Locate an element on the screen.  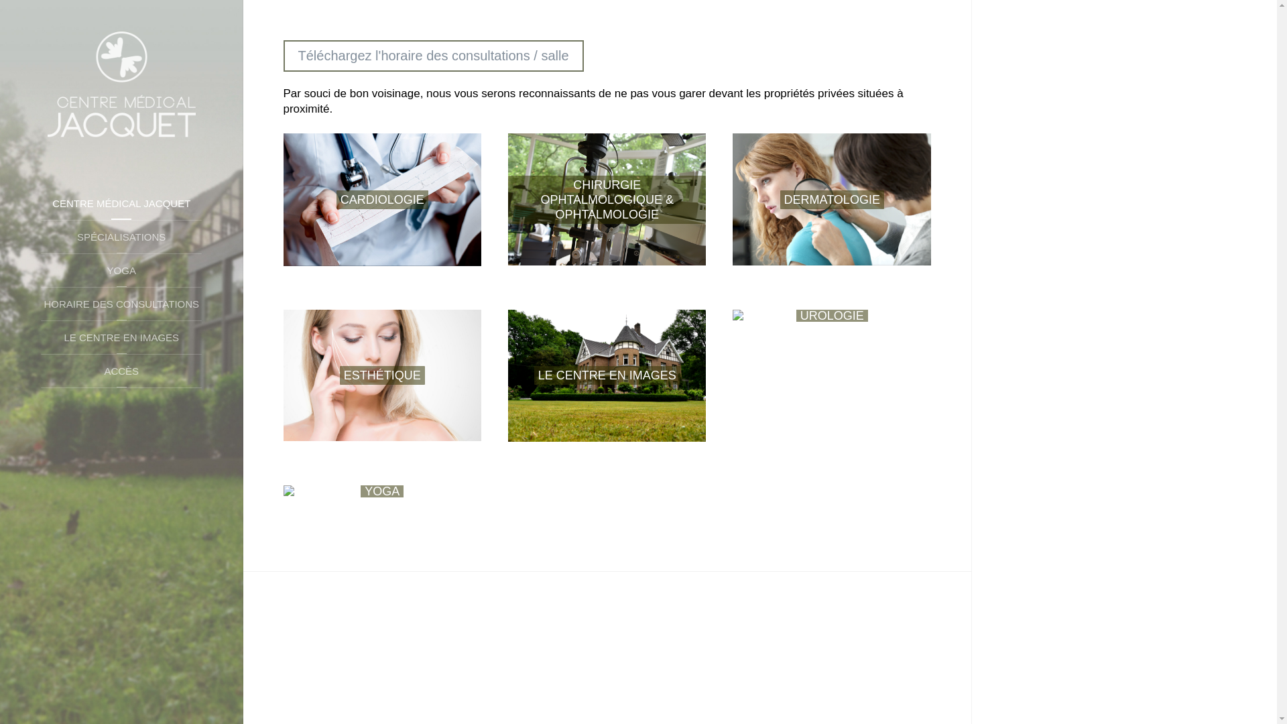
'DERMATOLOGIE' is located at coordinates (831, 199).